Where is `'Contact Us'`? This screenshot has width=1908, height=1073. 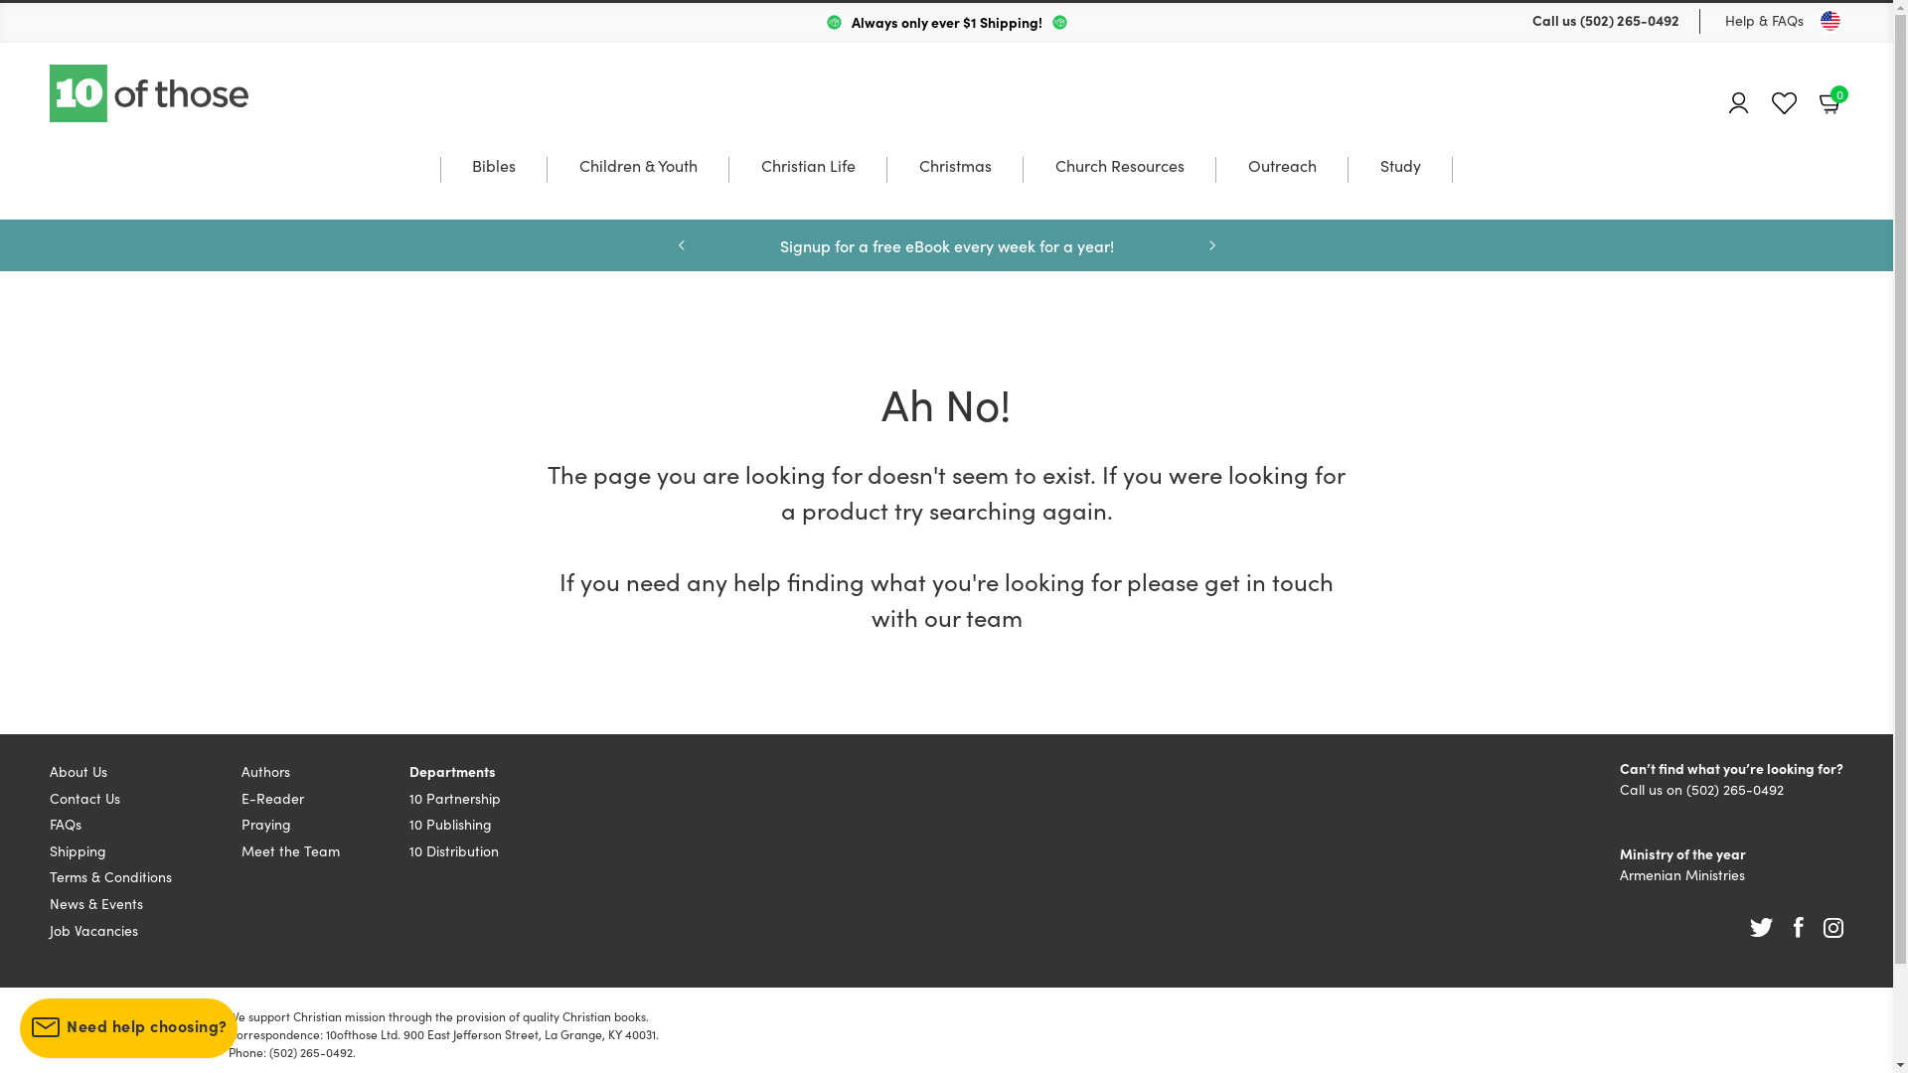 'Contact Us' is located at coordinates (83, 796).